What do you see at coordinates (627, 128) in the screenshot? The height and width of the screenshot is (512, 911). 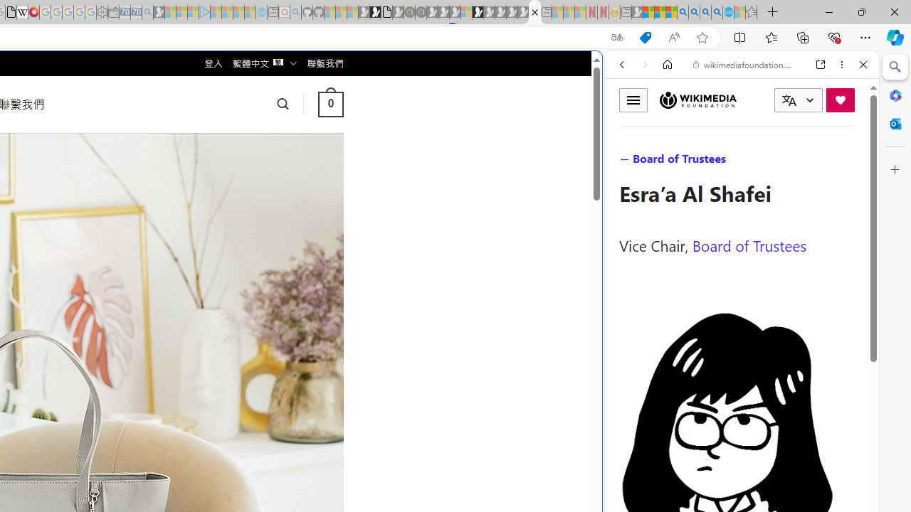 I see `'Web scope'` at bounding box center [627, 128].